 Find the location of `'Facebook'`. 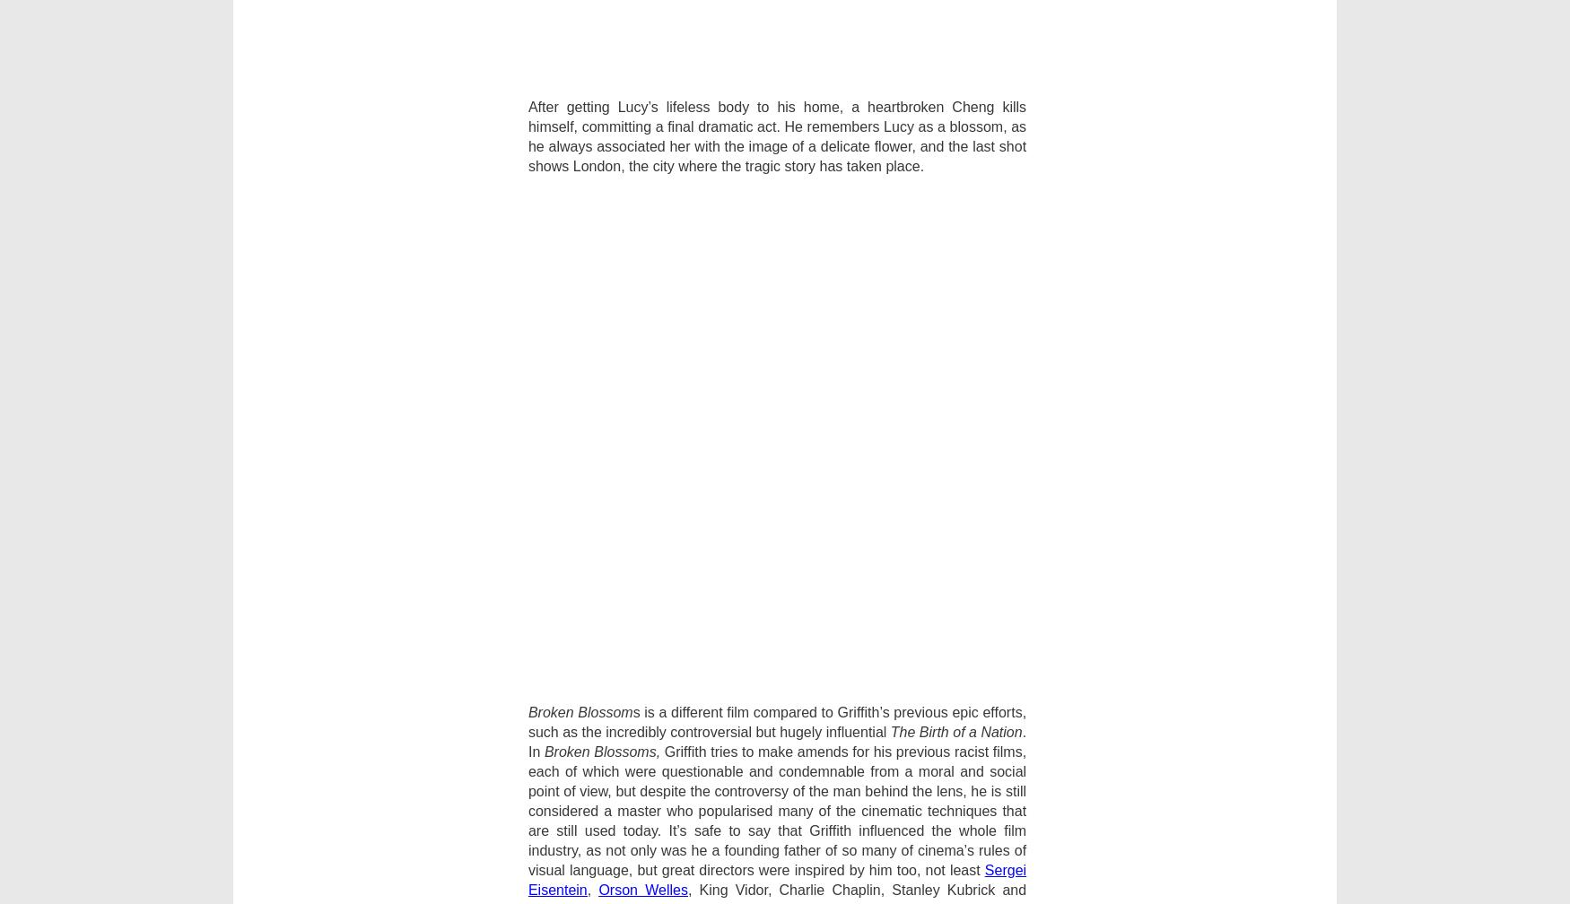

'Facebook' is located at coordinates (843, 595).